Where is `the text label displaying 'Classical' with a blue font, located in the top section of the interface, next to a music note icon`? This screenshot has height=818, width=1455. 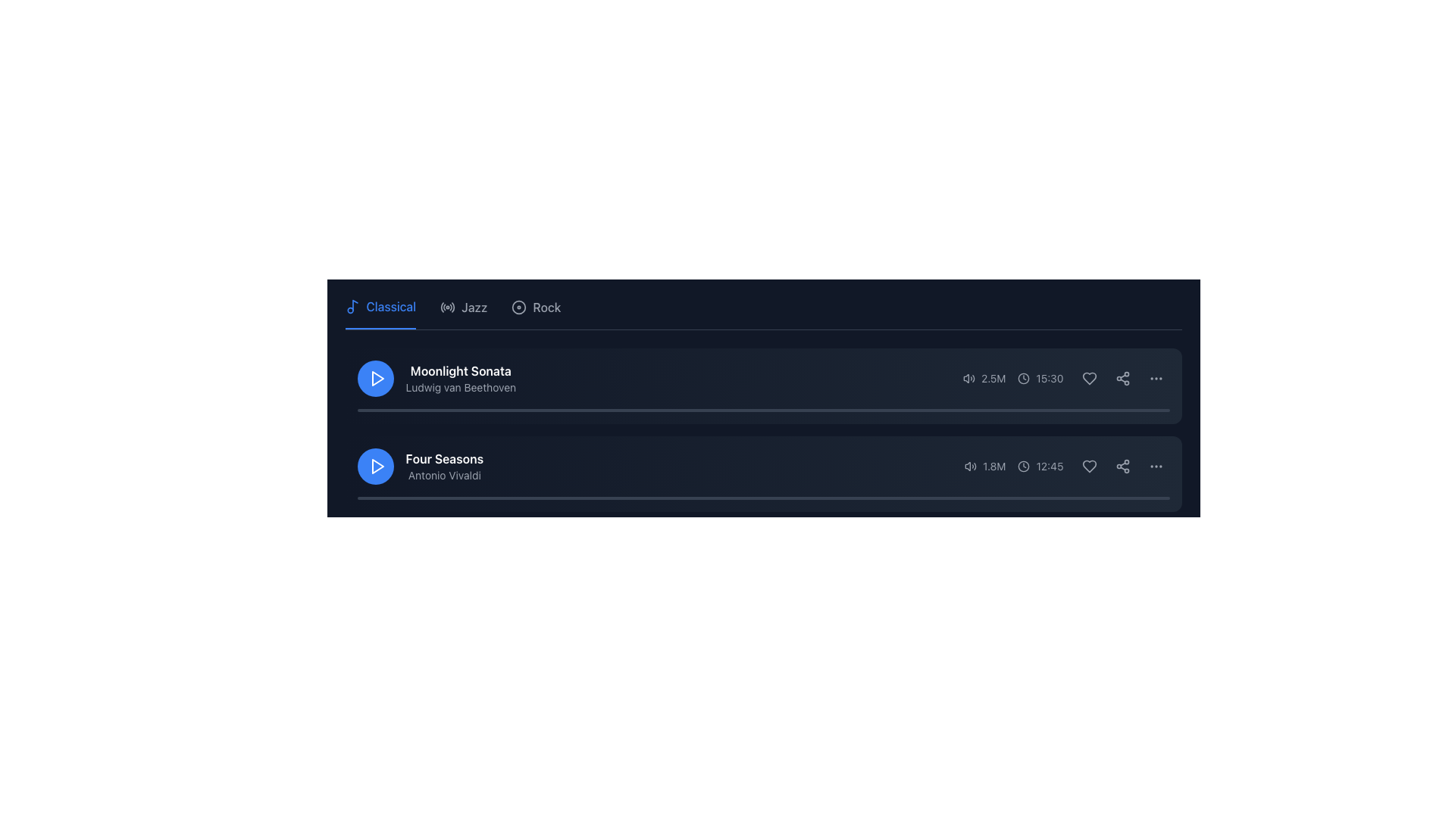
the text label displaying 'Classical' with a blue font, located in the top section of the interface, next to a music note icon is located at coordinates (391, 307).